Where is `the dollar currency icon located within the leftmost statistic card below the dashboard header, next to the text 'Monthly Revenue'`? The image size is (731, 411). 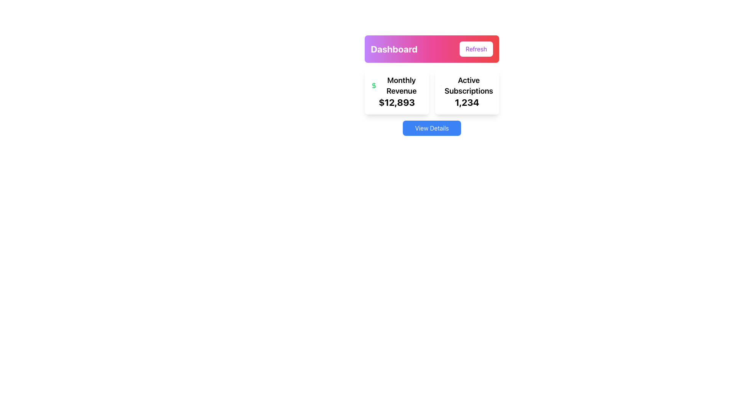
the dollar currency icon located within the leftmost statistic card below the dashboard header, next to the text 'Monthly Revenue' is located at coordinates (374, 85).